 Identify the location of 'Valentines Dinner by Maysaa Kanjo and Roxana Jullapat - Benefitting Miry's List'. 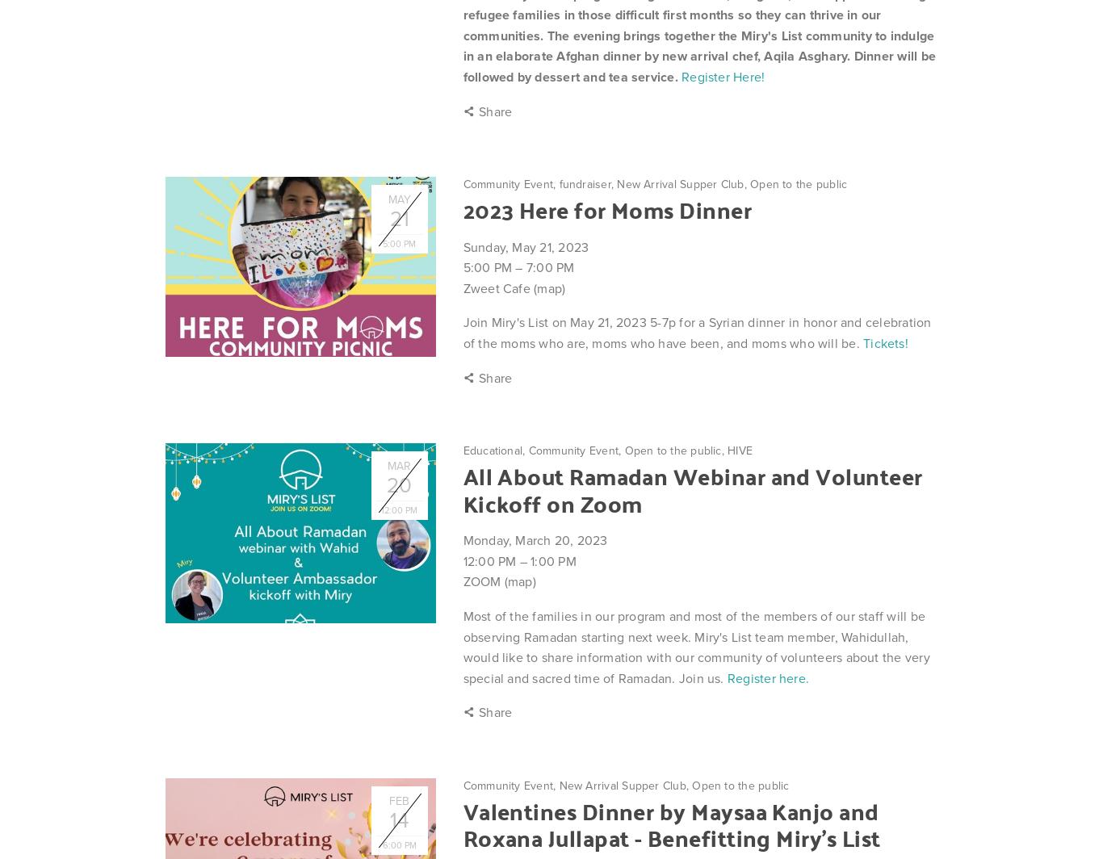
(670, 823).